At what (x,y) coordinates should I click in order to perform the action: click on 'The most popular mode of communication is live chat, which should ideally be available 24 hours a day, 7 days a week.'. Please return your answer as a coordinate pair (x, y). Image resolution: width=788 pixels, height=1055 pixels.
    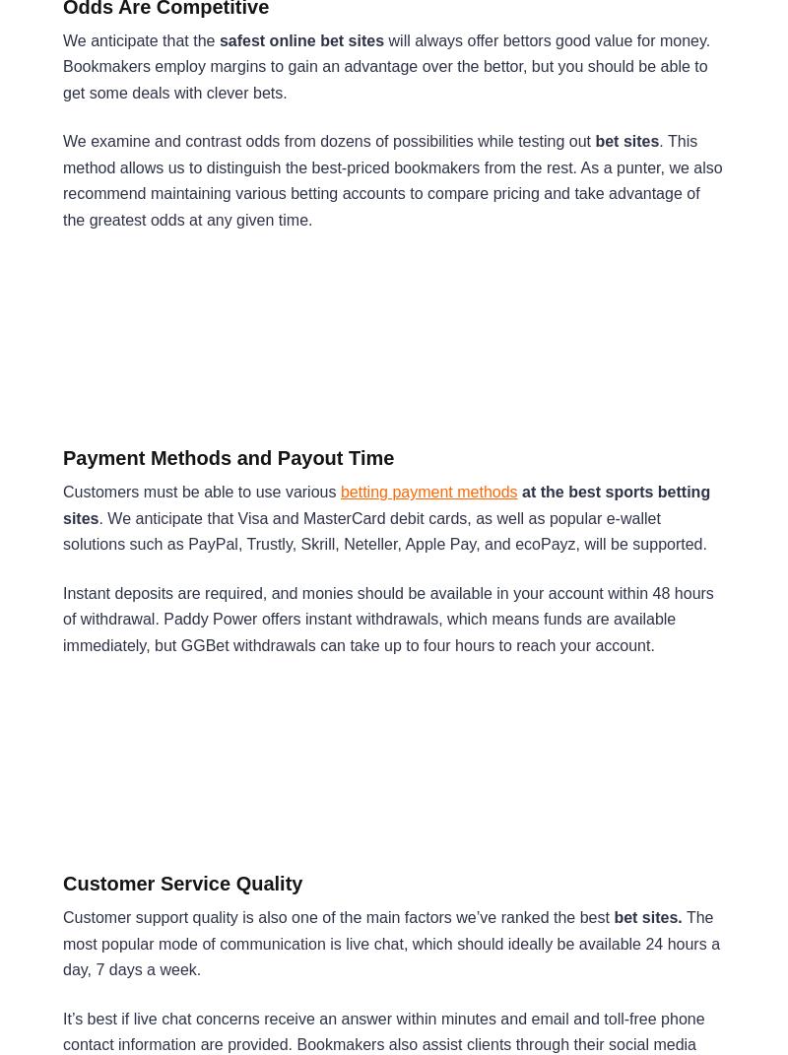
    Looking at the image, I should click on (390, 943).